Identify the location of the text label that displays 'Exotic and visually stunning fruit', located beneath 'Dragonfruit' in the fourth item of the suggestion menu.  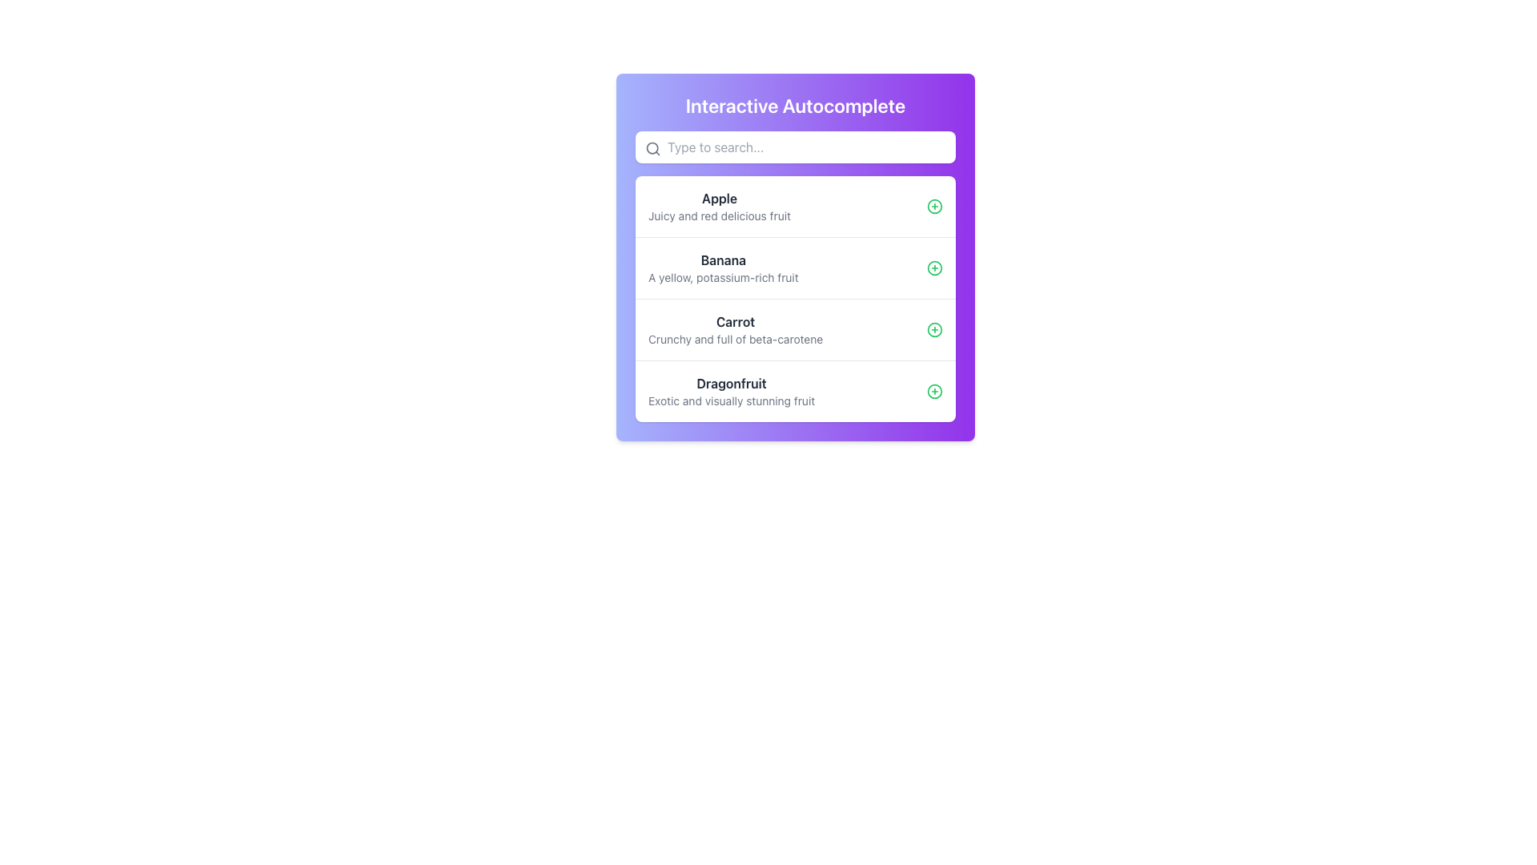
(731, 400).